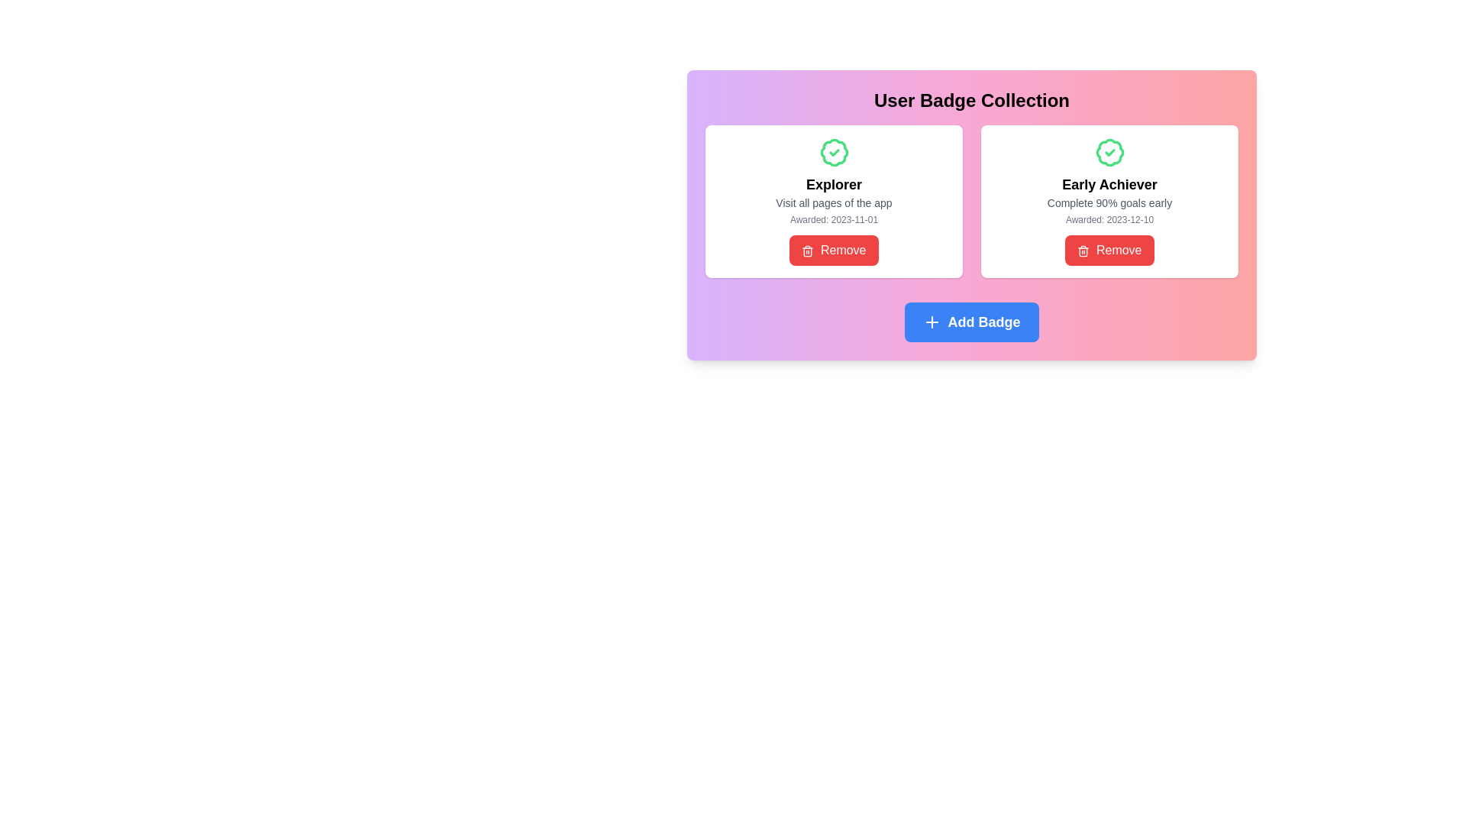 The width and height of the screenshot is (1466, 825). I want to click on the 'Early Achiever' badge icon located in the second badge position, above its textual content, so click(1109, 153).